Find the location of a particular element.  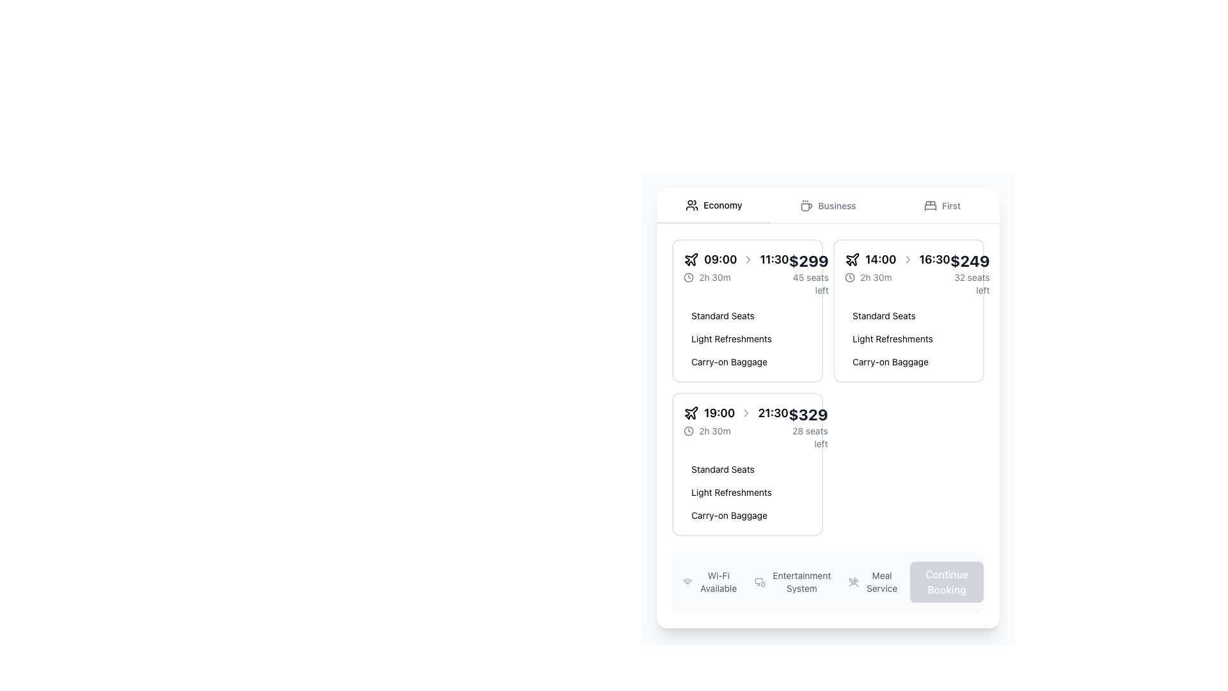

the informational display component showing flight time details, which includes an airplane icon and times '14:00' and '16:30' is located at coordinates (897, 266).